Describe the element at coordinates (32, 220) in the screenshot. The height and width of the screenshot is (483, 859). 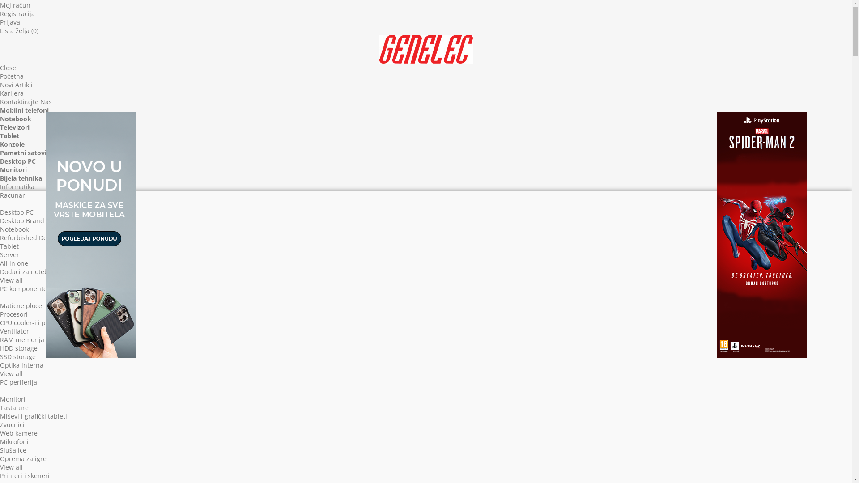
I see `'Desktop Brand Name'` at that location.